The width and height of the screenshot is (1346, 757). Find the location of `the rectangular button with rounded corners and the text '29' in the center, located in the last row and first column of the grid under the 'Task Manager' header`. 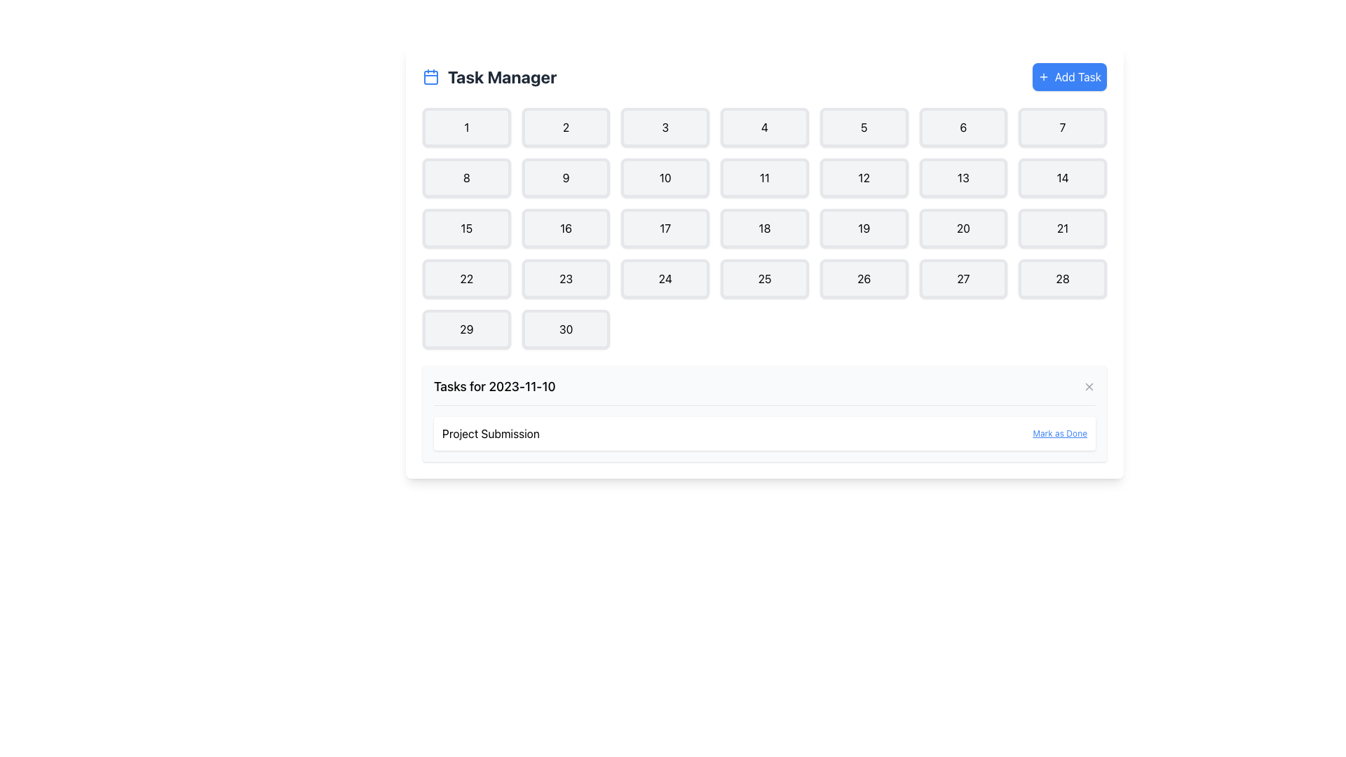

the rectangular button with rounded corners and the text '29' in the center, located in the last row and first column of the grid under the 'Task Manager' header is located at coordinates (466, 329).